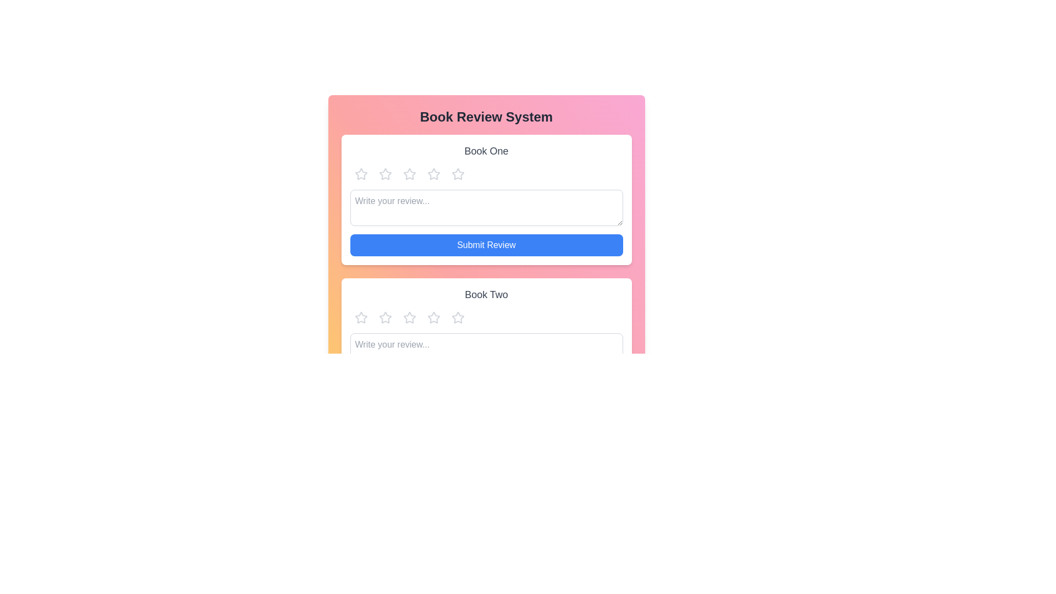  Describe the element at coordinates (409, 173) in the screenshot. I see `the star corresponding to the desired rating 3 for the first book` at that location.